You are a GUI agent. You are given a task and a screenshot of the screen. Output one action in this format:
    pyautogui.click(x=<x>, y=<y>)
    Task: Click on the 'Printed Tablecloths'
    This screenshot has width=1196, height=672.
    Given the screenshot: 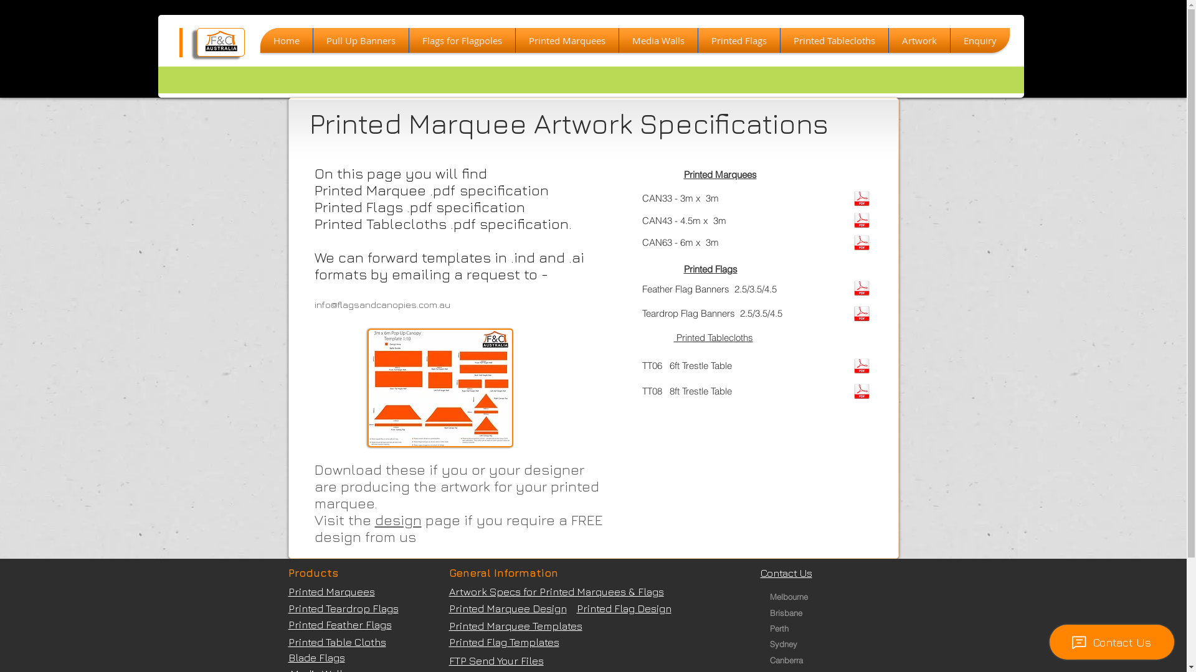 What is the action you would take?
    pyautogui.click(x=779, y=40)
    